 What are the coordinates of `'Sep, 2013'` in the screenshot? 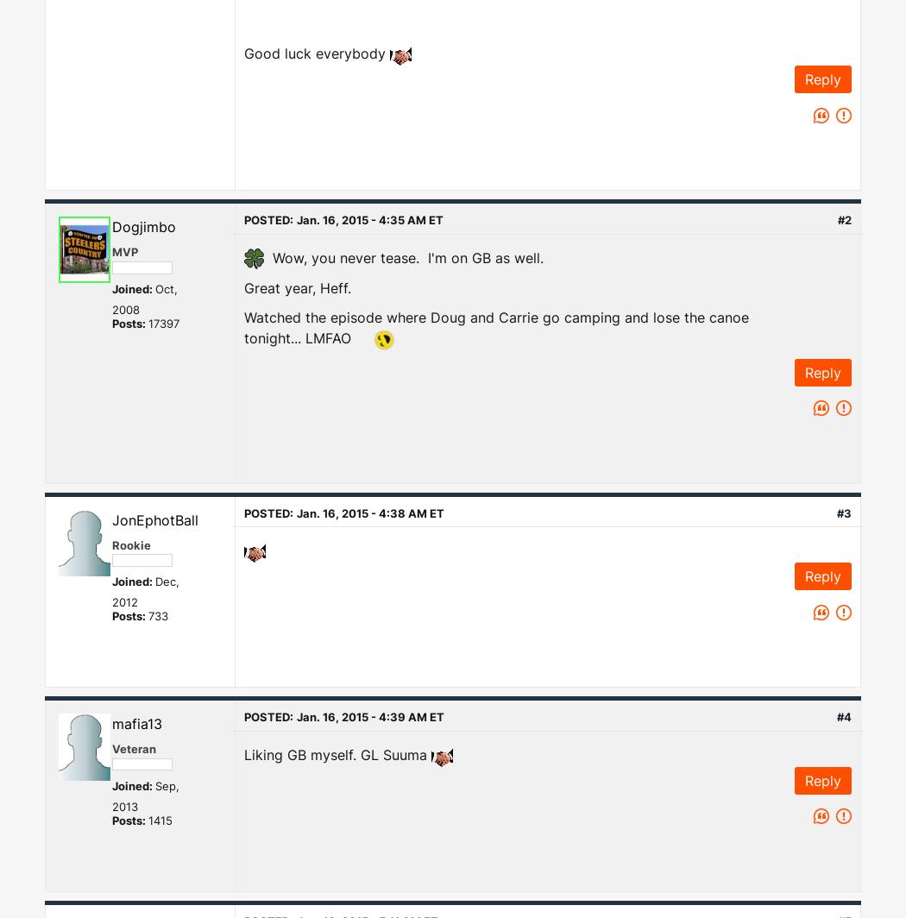 It's located at (146, 795).